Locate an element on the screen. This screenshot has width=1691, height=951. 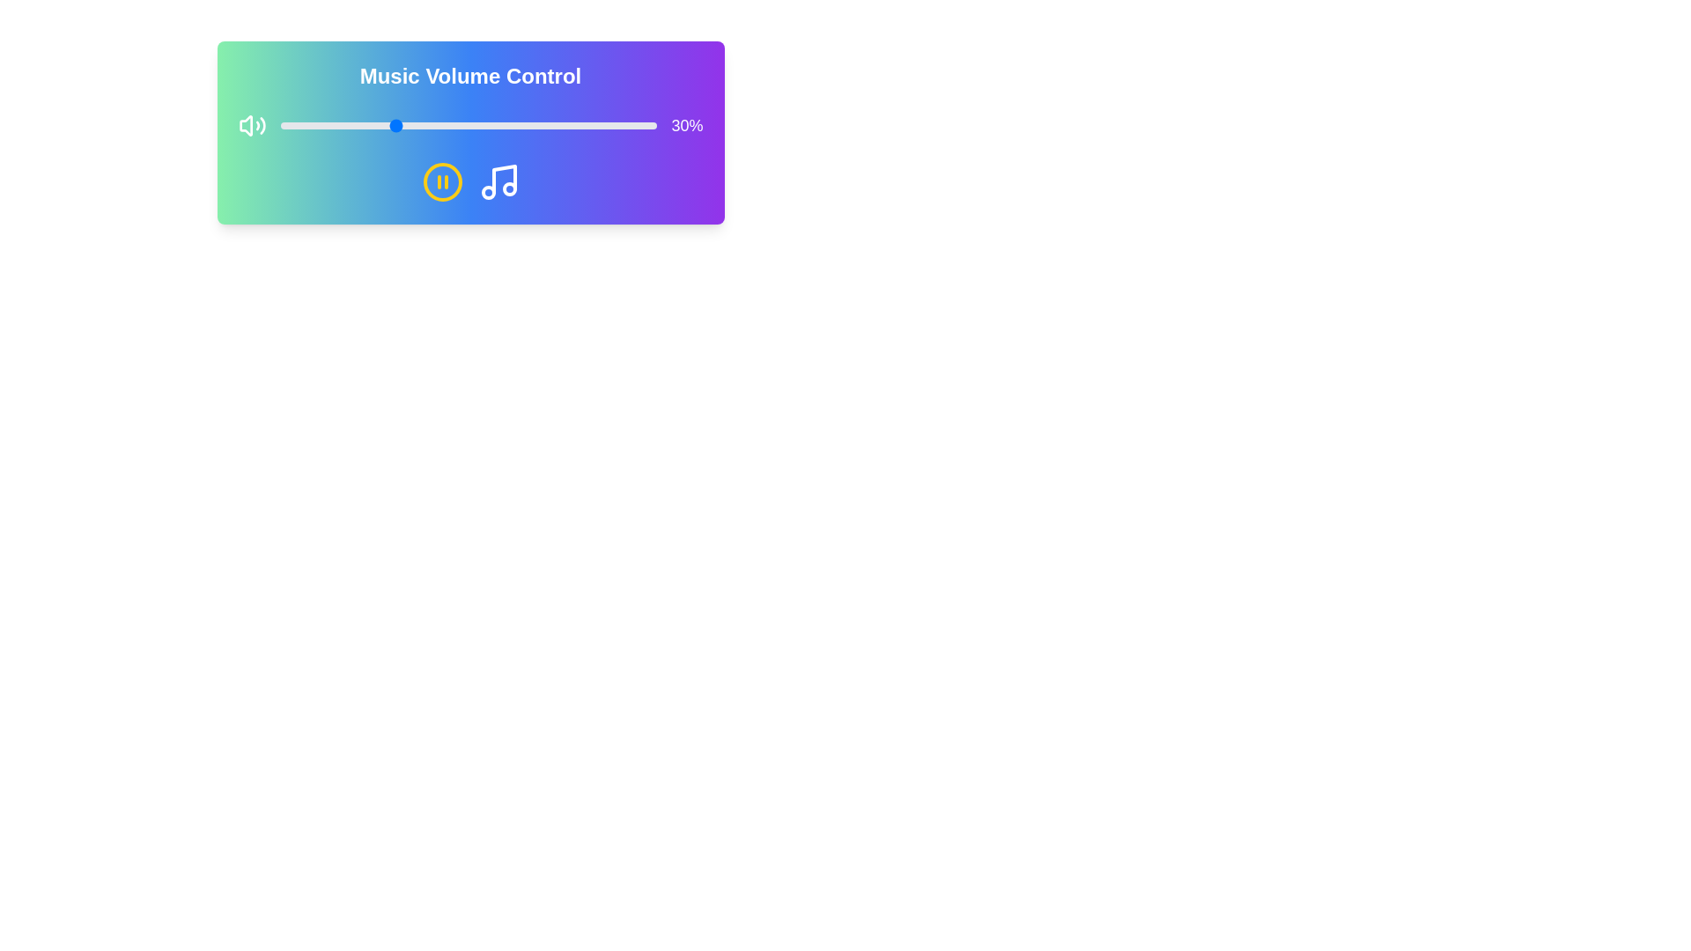
the handle of the horizontal volume control slider, which is visually represented with a gradient background and has a speaker icon on the left and a '30%' text indicator on the right is located at coordinates (470, 124).